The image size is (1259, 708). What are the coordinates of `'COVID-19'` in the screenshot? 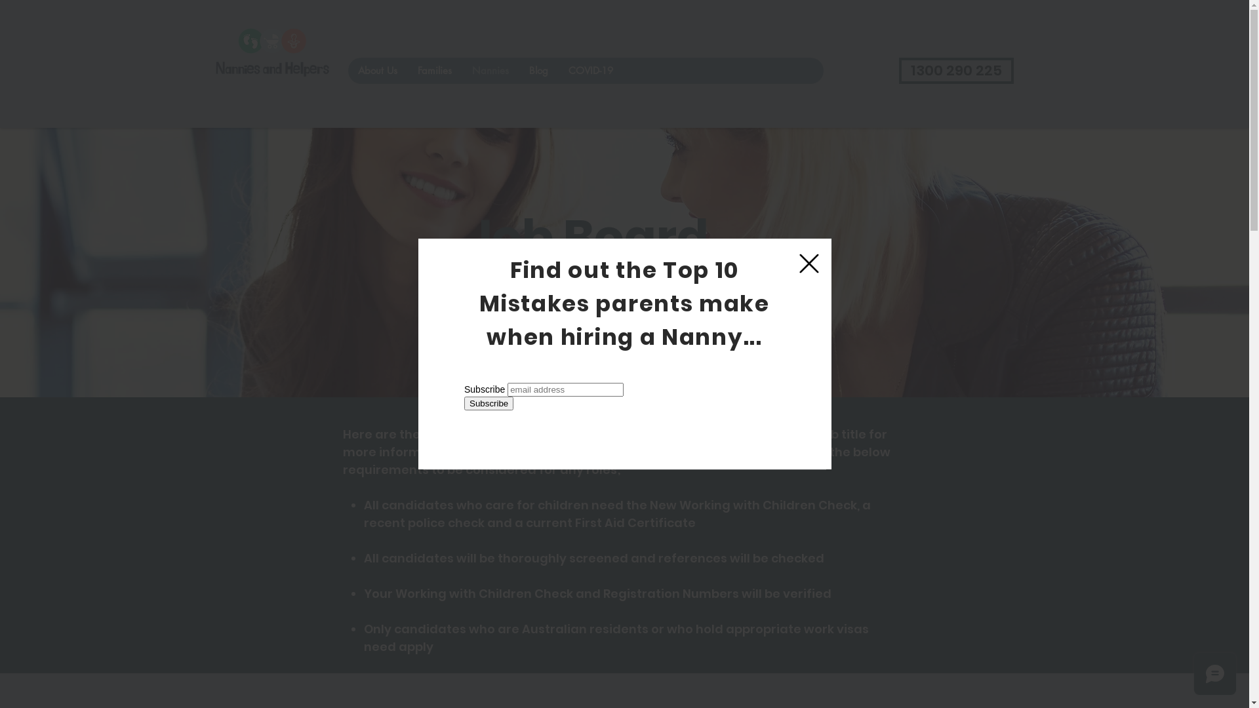 It's located at (589, 71).